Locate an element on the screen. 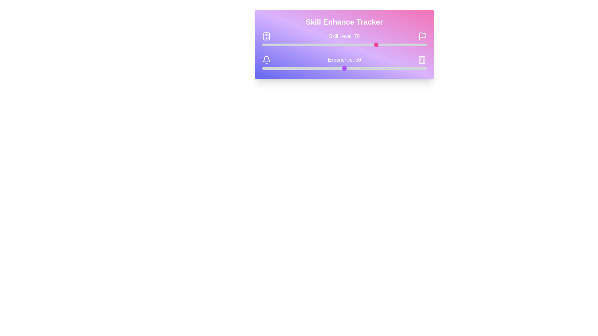  the experience slider to set the experience value to 86 is located at coordinates (403, 68).